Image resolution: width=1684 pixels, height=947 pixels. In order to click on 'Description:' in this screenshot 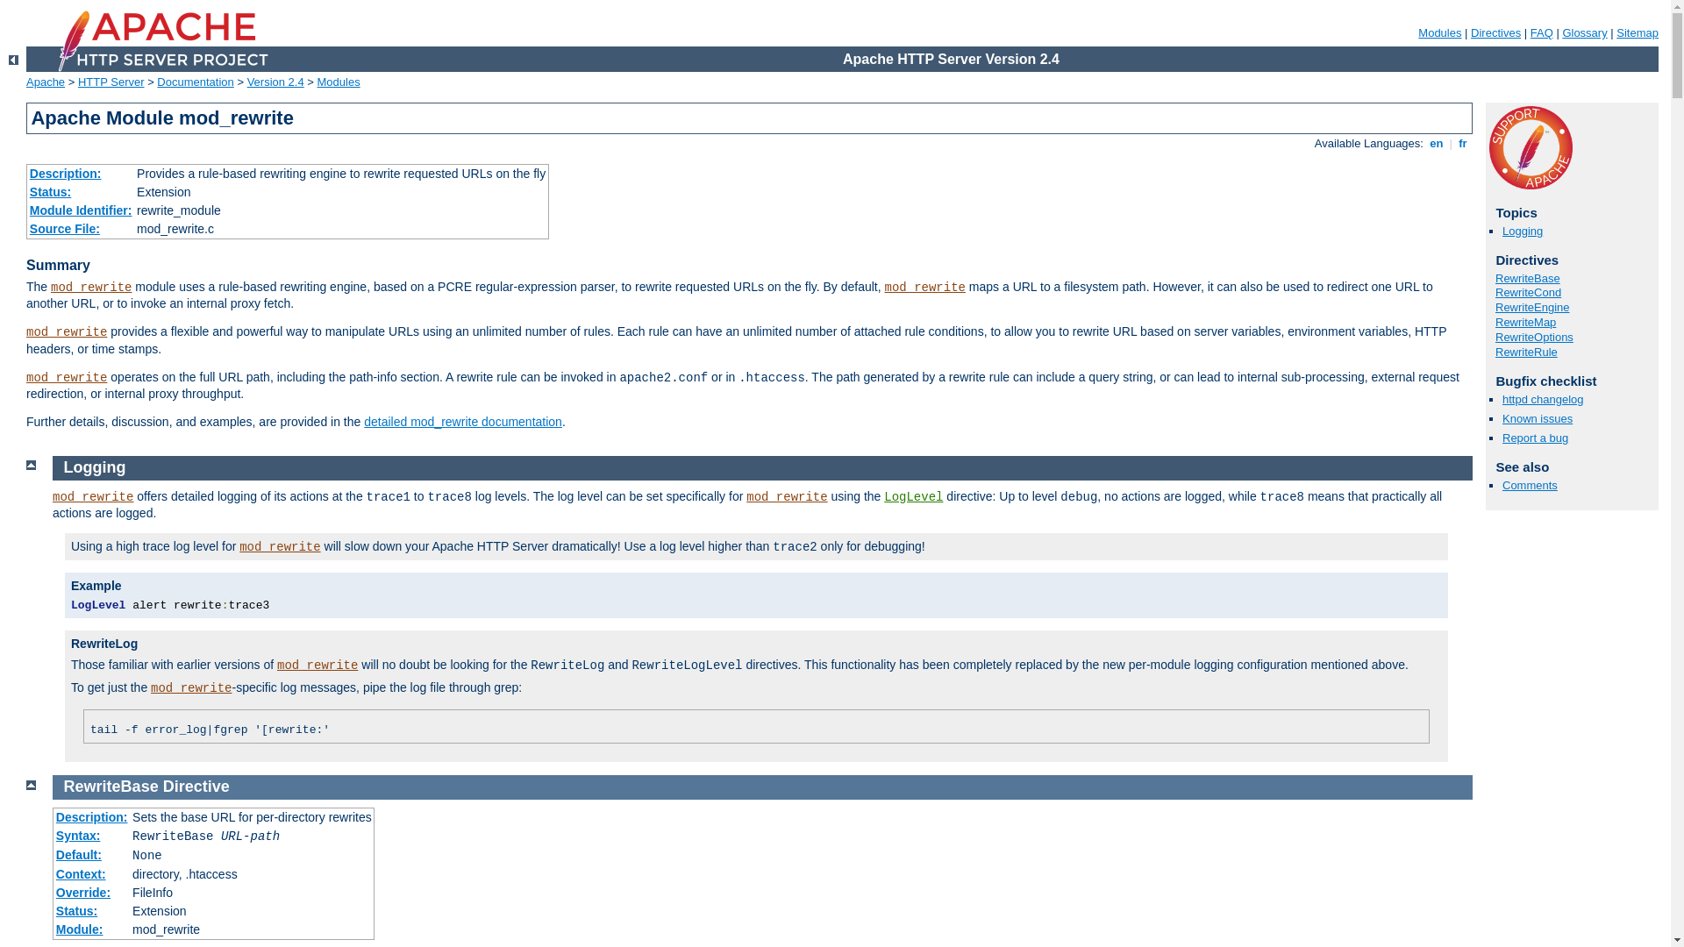, I will do `click(66, 173)`.